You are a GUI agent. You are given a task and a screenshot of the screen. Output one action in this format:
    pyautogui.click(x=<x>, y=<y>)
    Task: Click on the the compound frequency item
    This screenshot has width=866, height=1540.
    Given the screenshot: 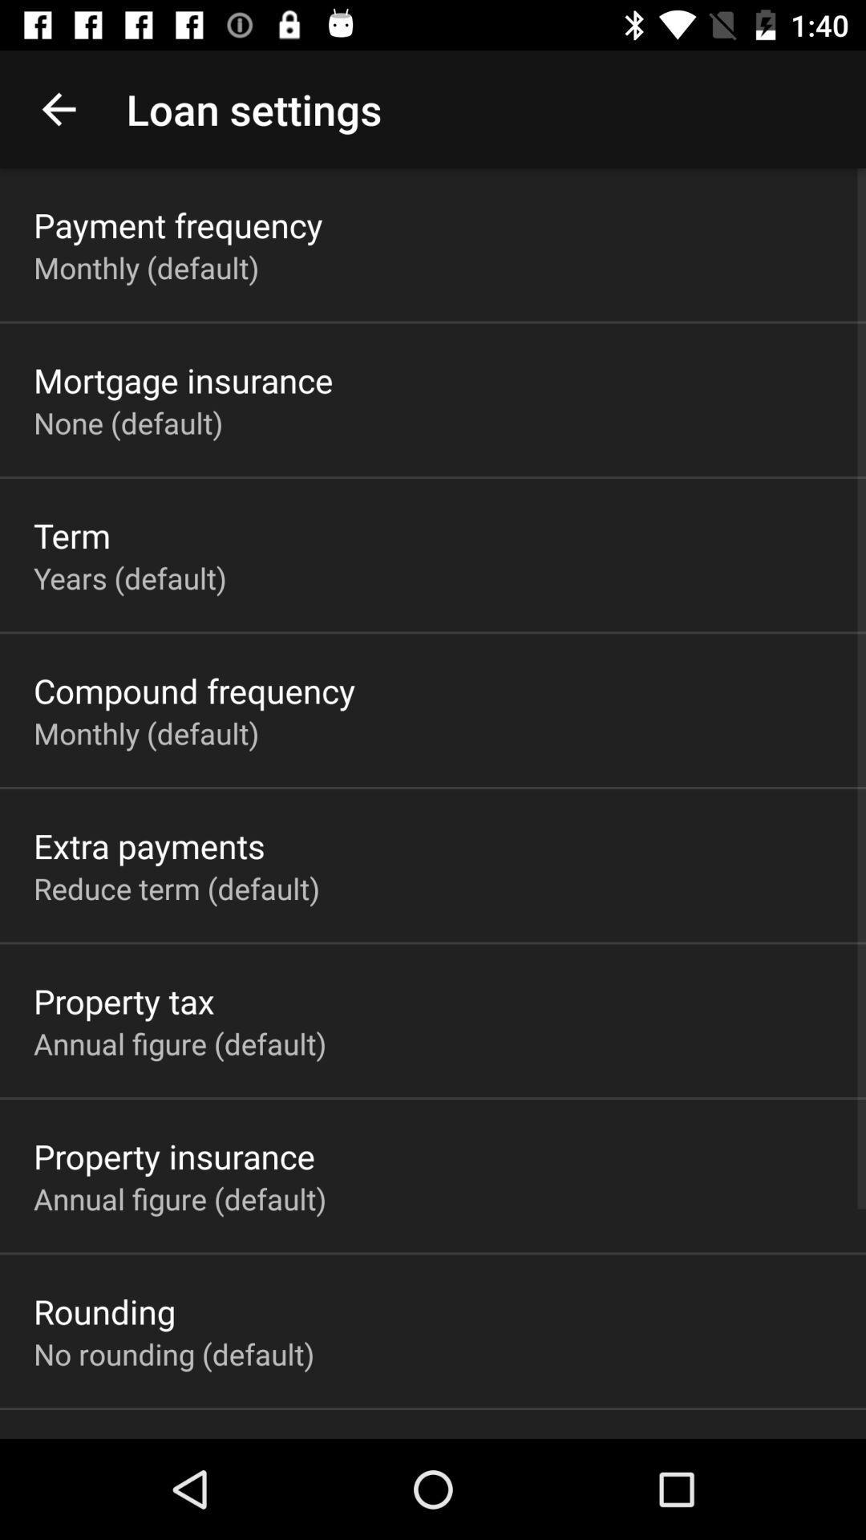 What is the action you would take?
    pyautogui.click(x=193, y=690)
    